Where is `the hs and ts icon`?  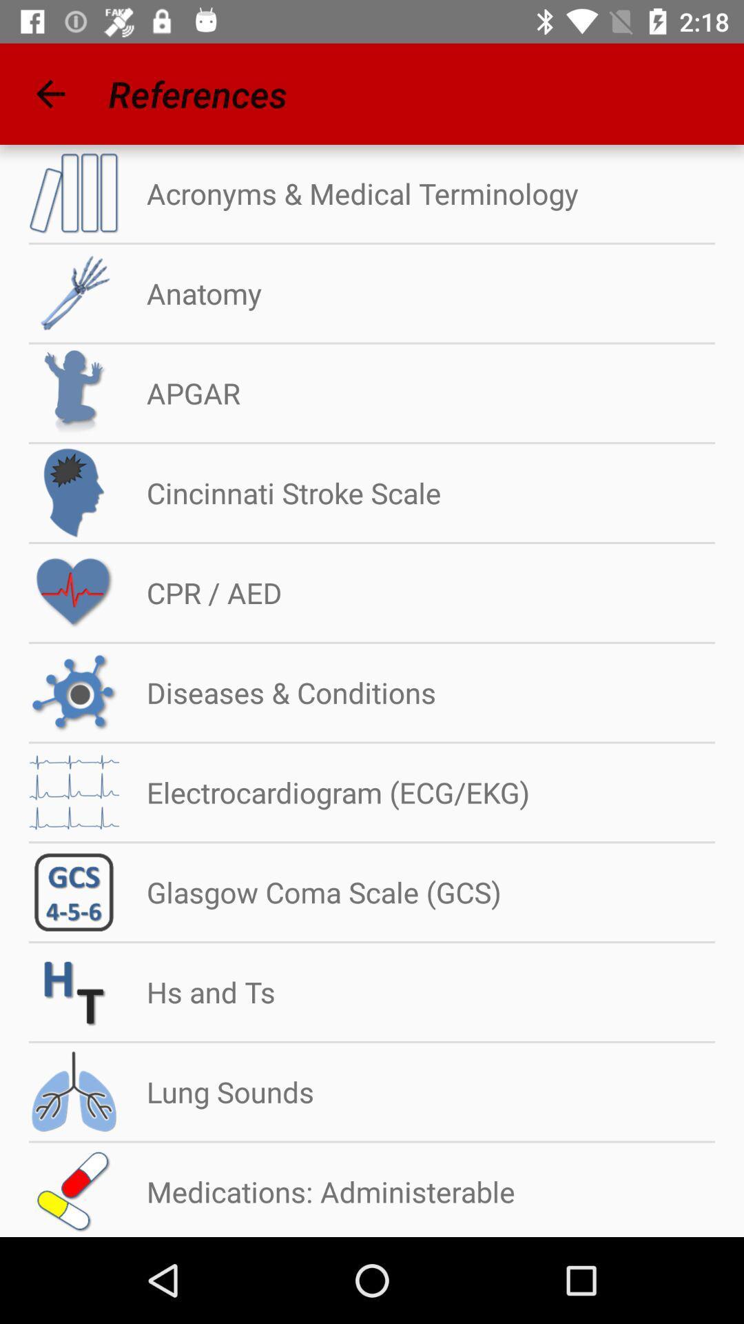 the hs and ts icon is located at coordinates (197, 991).